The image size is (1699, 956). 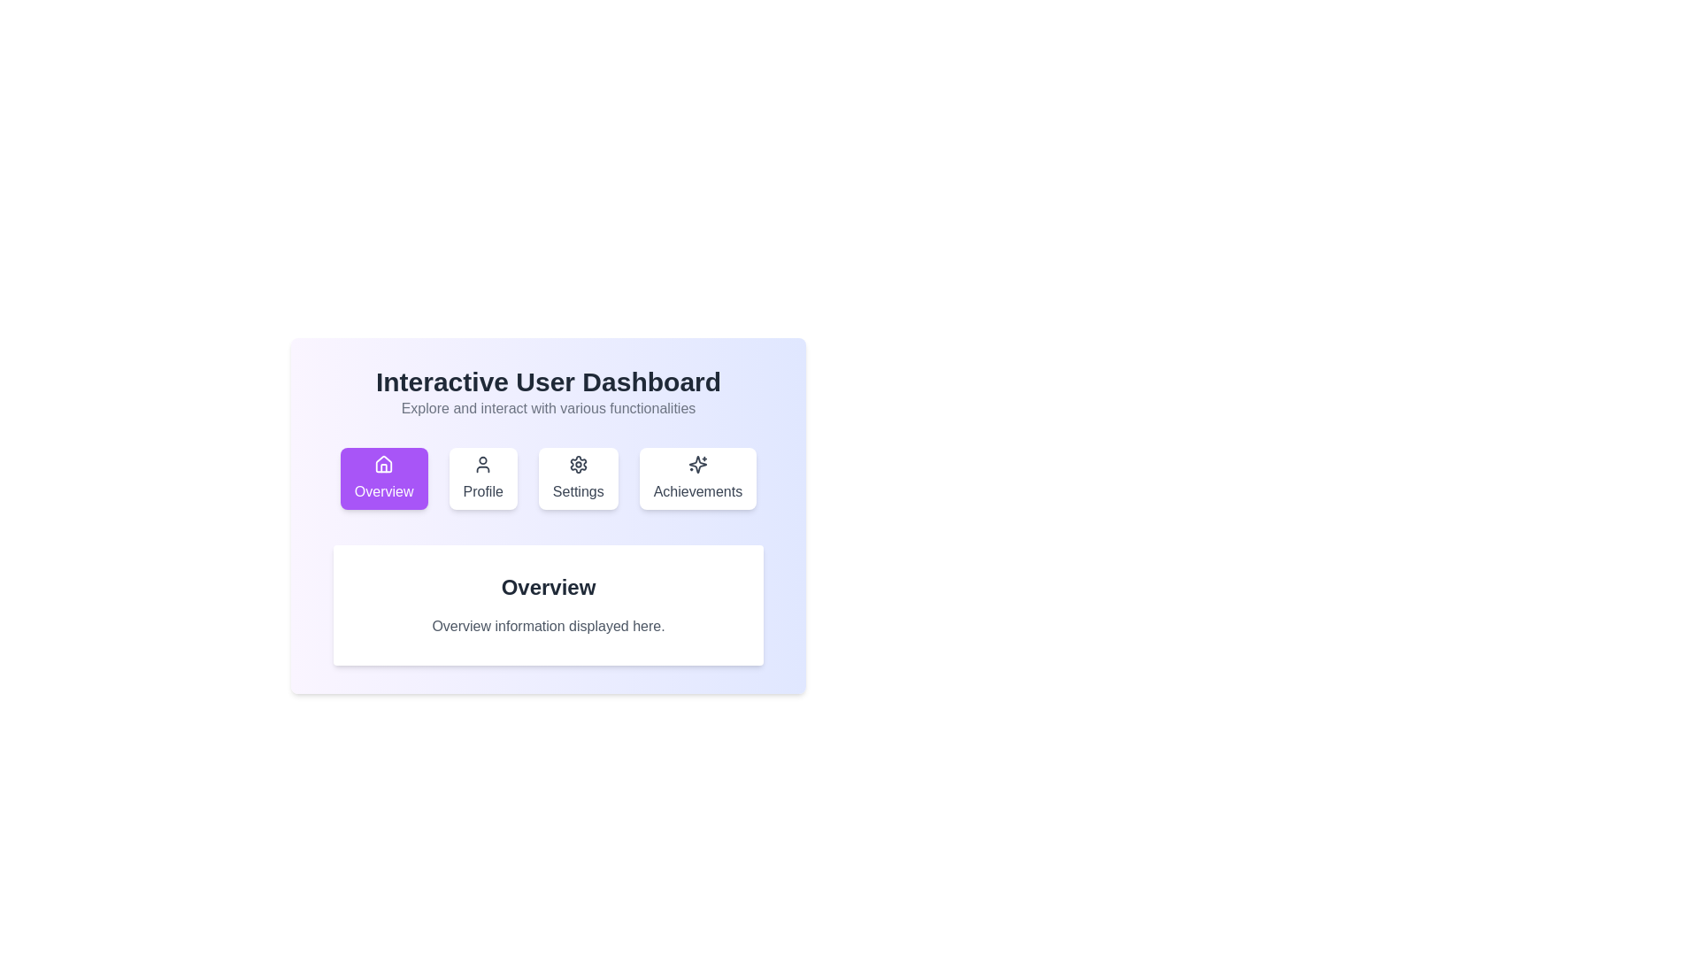 What do you see at coordinates (696, 478) in the screenshot?
I see `the 'Achievements' button, which is the fourth button in the row under the 'Interactive User Dashboard' header, to activate its visual hover effect` at bounding box center [696, 478].